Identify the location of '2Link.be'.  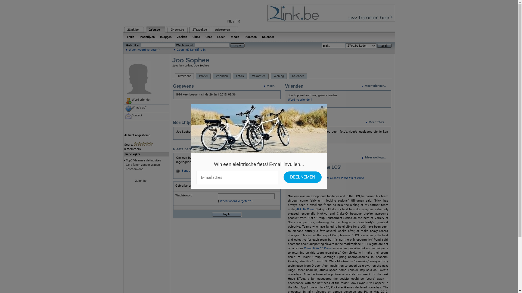
(133, 30).